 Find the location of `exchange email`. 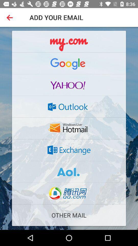

exchange email is located at coordinates (69, 150).